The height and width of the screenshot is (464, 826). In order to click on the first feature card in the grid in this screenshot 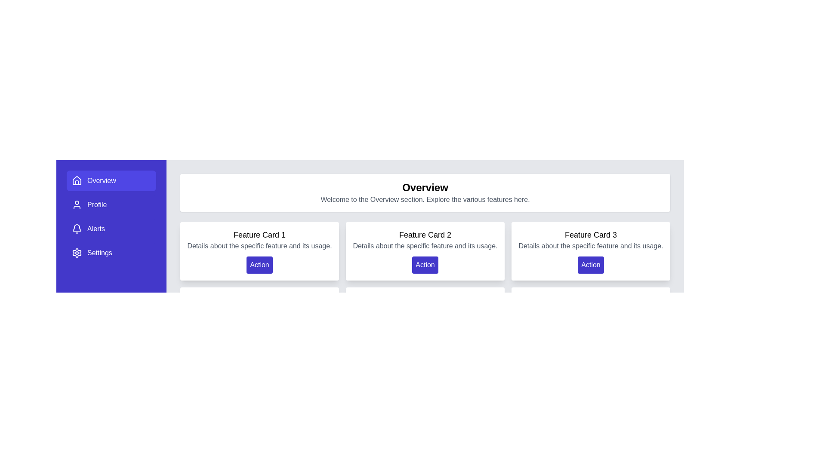, I will do `click(259, 251)`.